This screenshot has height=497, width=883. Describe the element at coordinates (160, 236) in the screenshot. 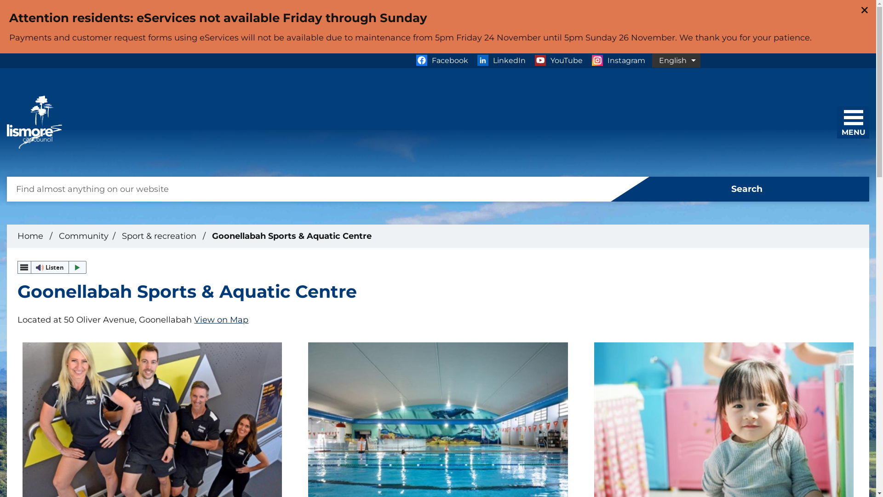

I see `'Sport & recreation'` at that location.